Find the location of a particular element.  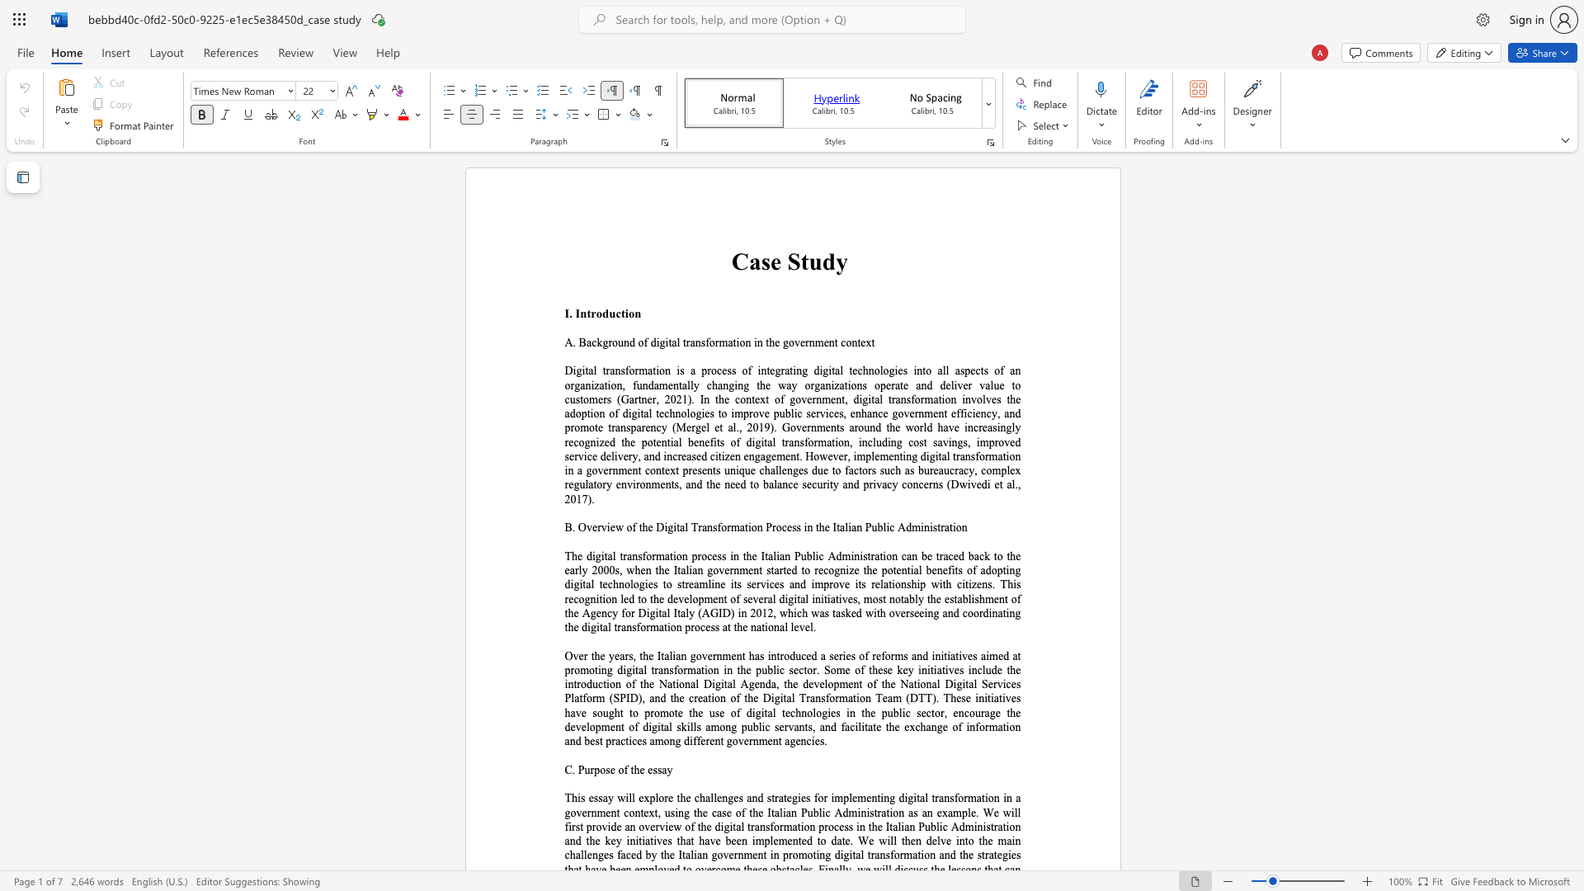

the subset text "nment a" within the text "the exchange of information and best practices among different government agencies." is located at coordinates (752, 740).